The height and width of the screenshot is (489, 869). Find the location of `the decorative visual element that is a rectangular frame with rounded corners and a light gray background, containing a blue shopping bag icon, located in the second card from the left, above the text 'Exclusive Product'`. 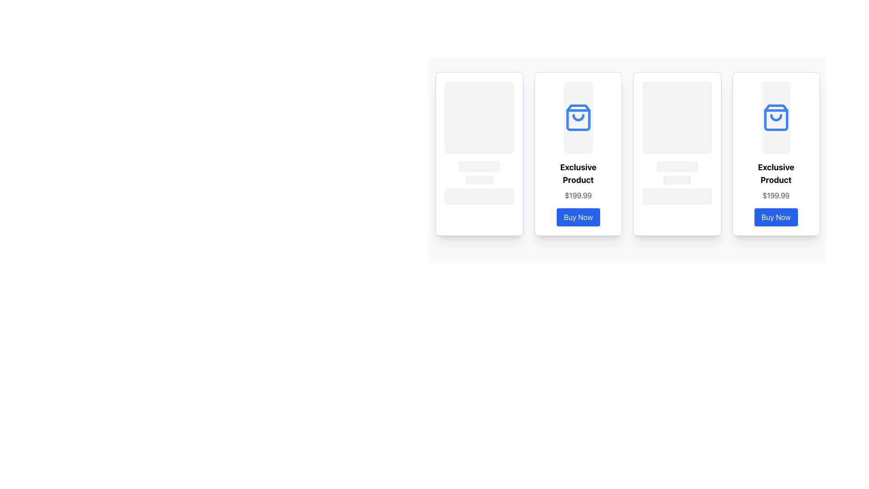

the decorative visual element that is a rectangular frame with rounded corners and a light gray background, containing a blue shopping bag icon, located in the second card from the left, above the text 'Exclusive Product' is located at coordinates (578, 117).